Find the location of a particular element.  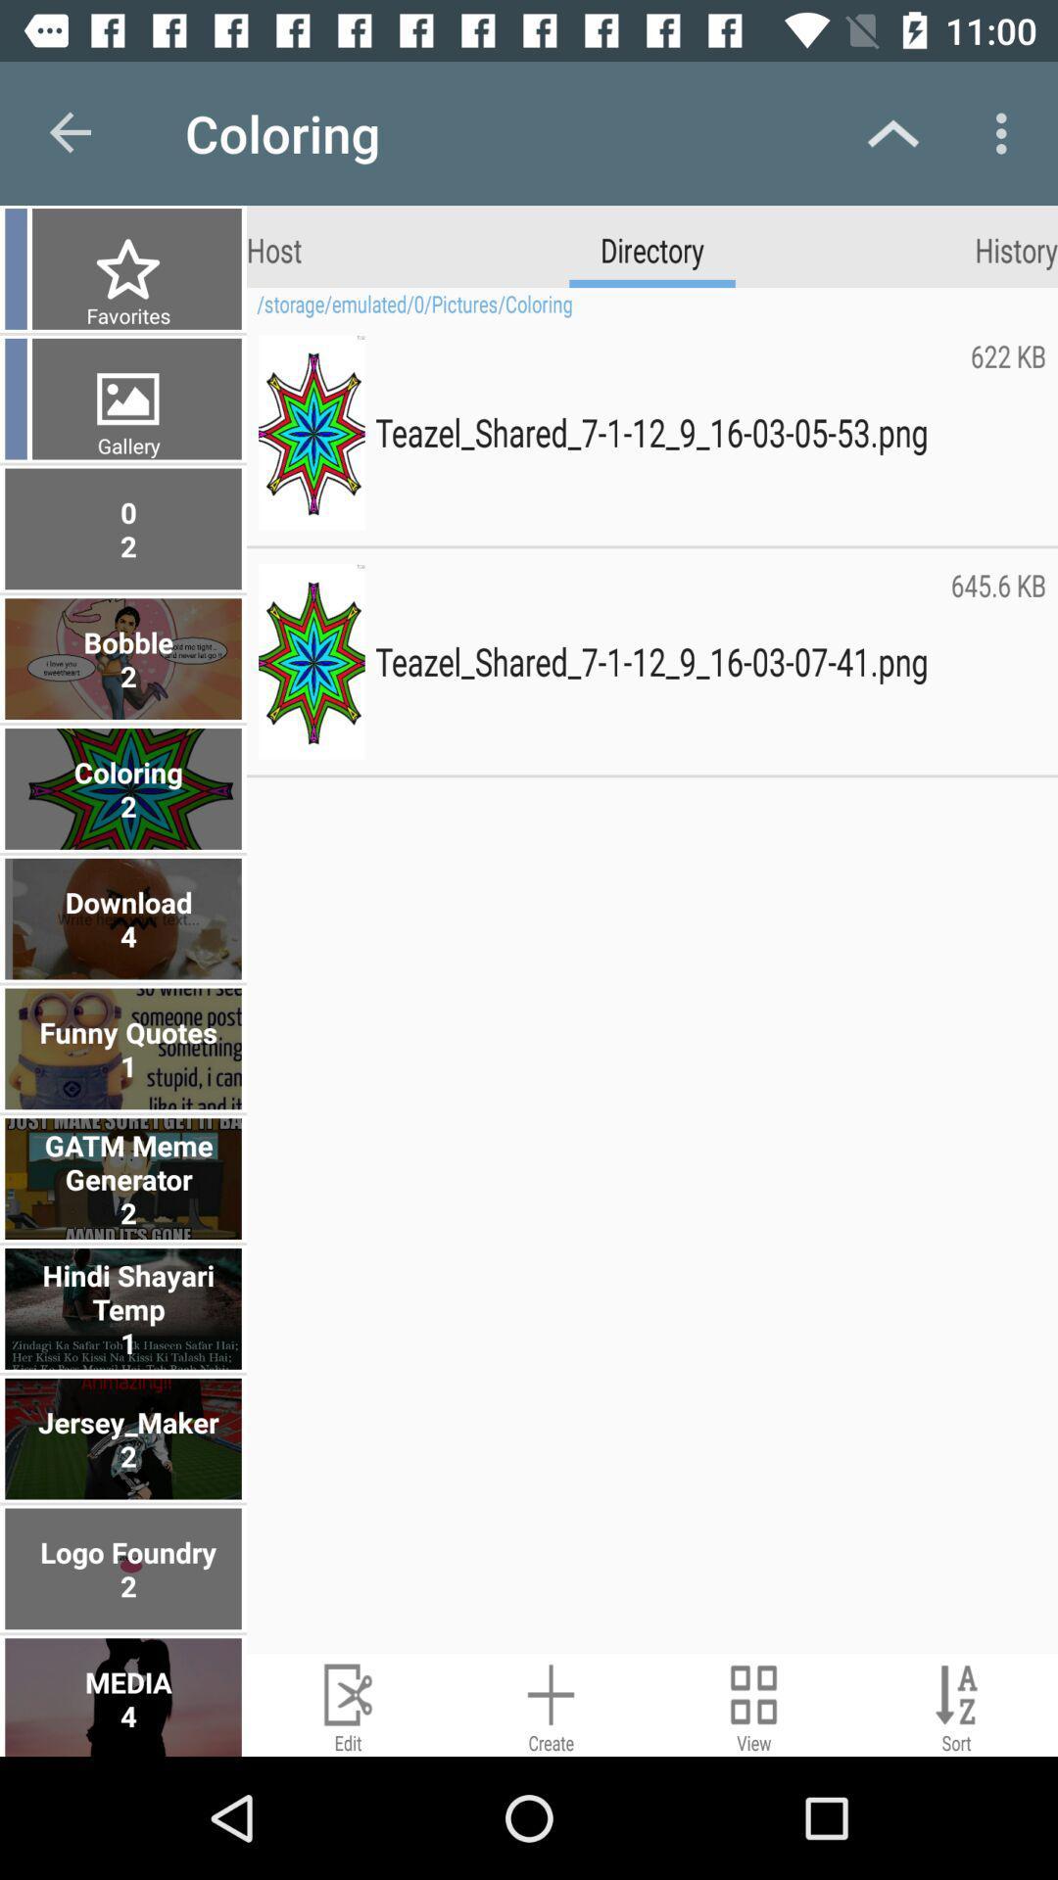

edit image is located at coordinates (347, 1704).